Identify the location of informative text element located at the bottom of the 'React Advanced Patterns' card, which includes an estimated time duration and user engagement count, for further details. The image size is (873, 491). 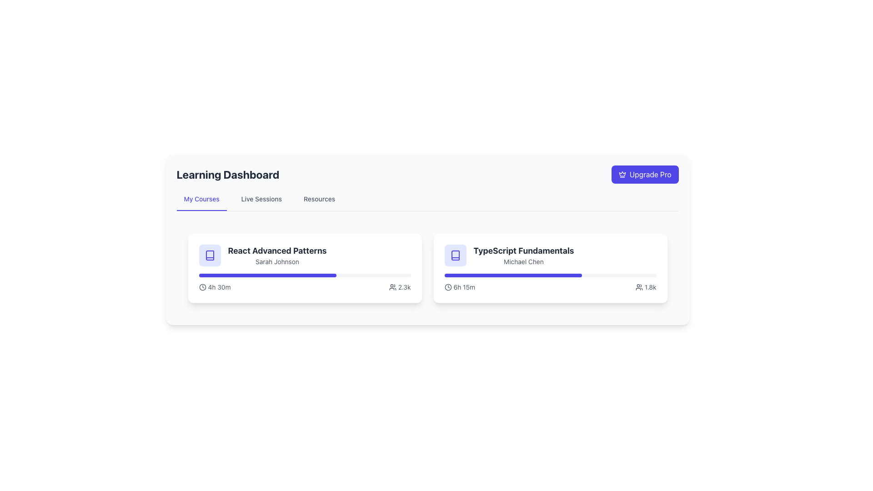
(305, 287).